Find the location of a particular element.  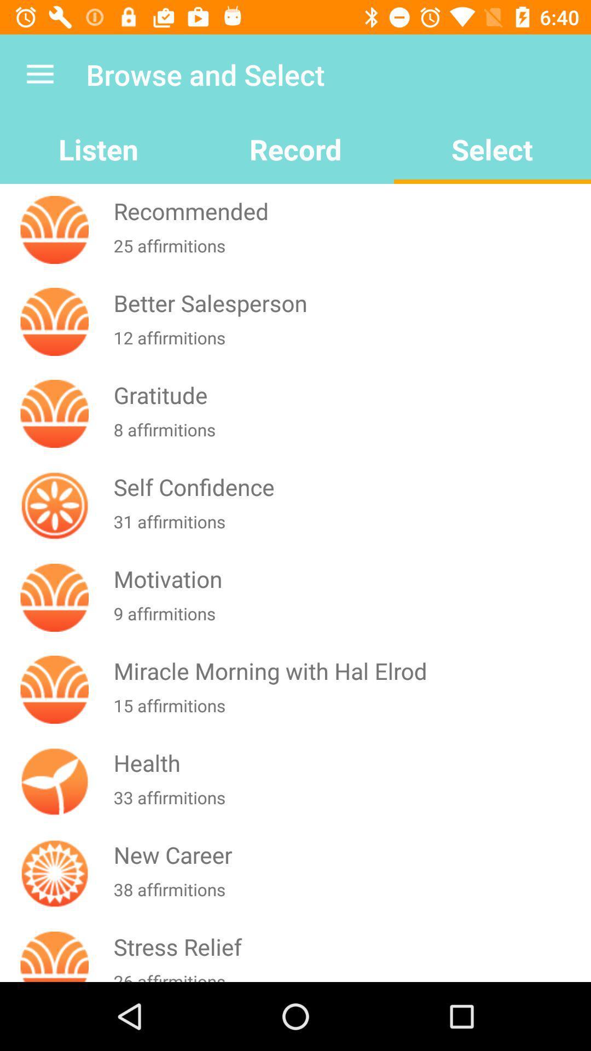

38 affirmitions item is located at coordinates (350, 896).